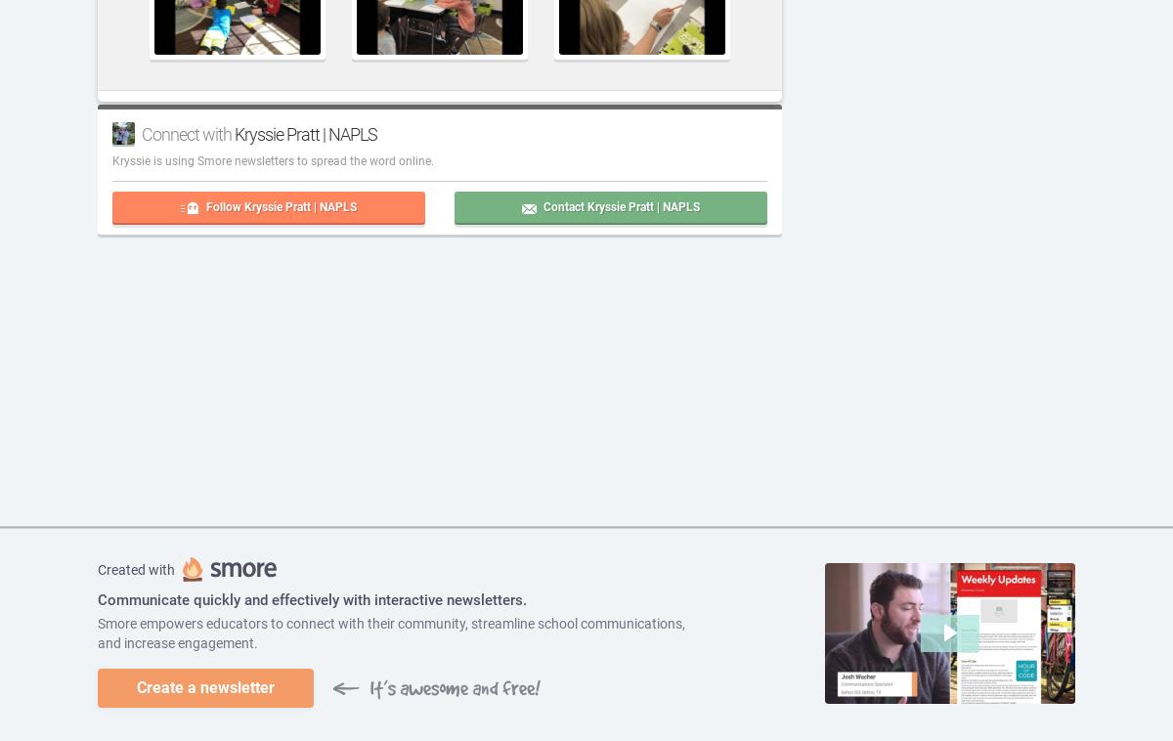 This screenshot has height=741, width=1173. What do you see at coordinates (97, 624) in the screenshot?
I see `'Smore empowers educators to connect with their community, streamline school communications,'` at bounding box center [97, 624].